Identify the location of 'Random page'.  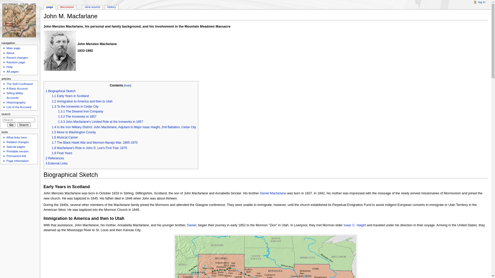
(16, 62).